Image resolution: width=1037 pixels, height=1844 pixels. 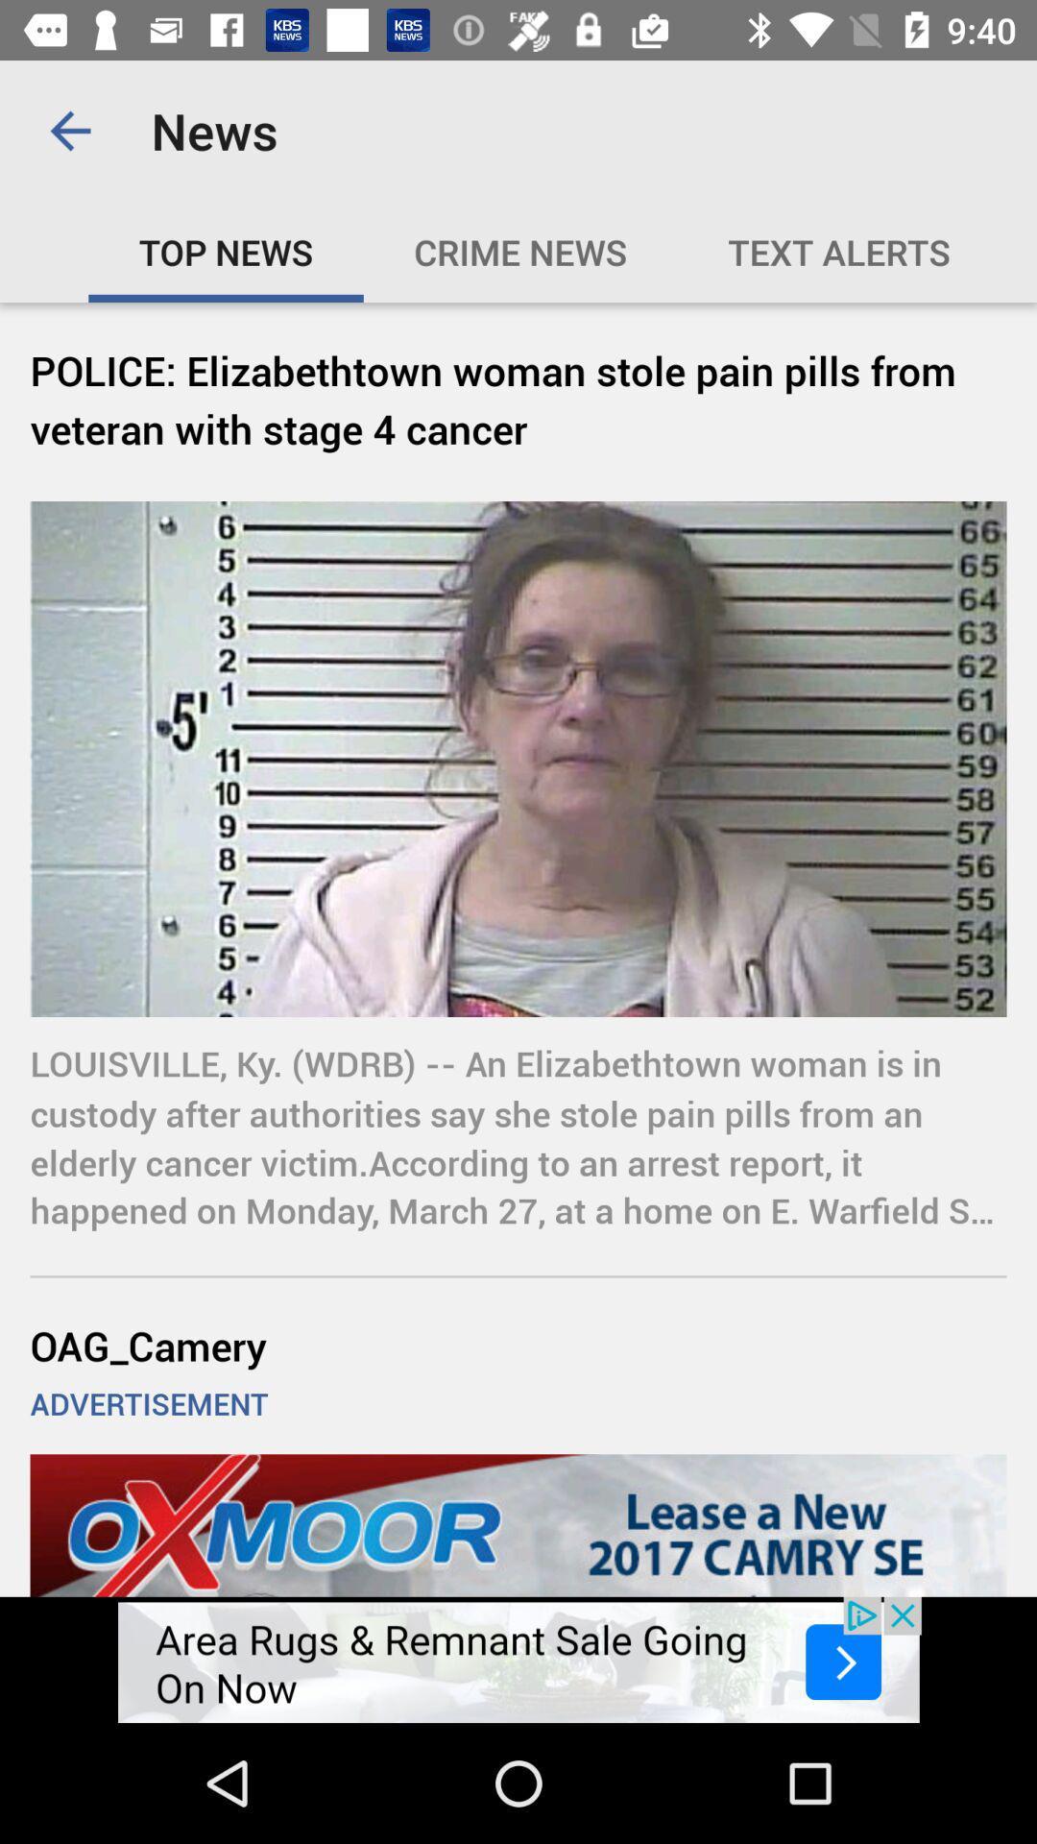 What do you see at coordinates (69, 130) in the screenshot?
I see `app to the left of the news app` at bounding box center [69, 130].